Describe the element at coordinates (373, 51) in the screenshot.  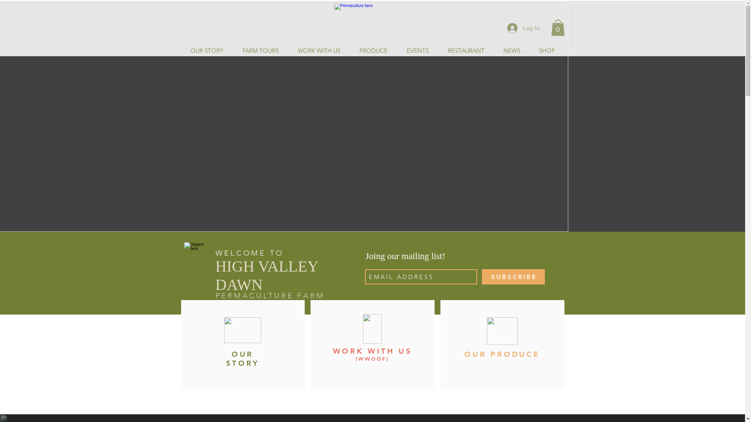
I see `'PRODUCE'` at that location.